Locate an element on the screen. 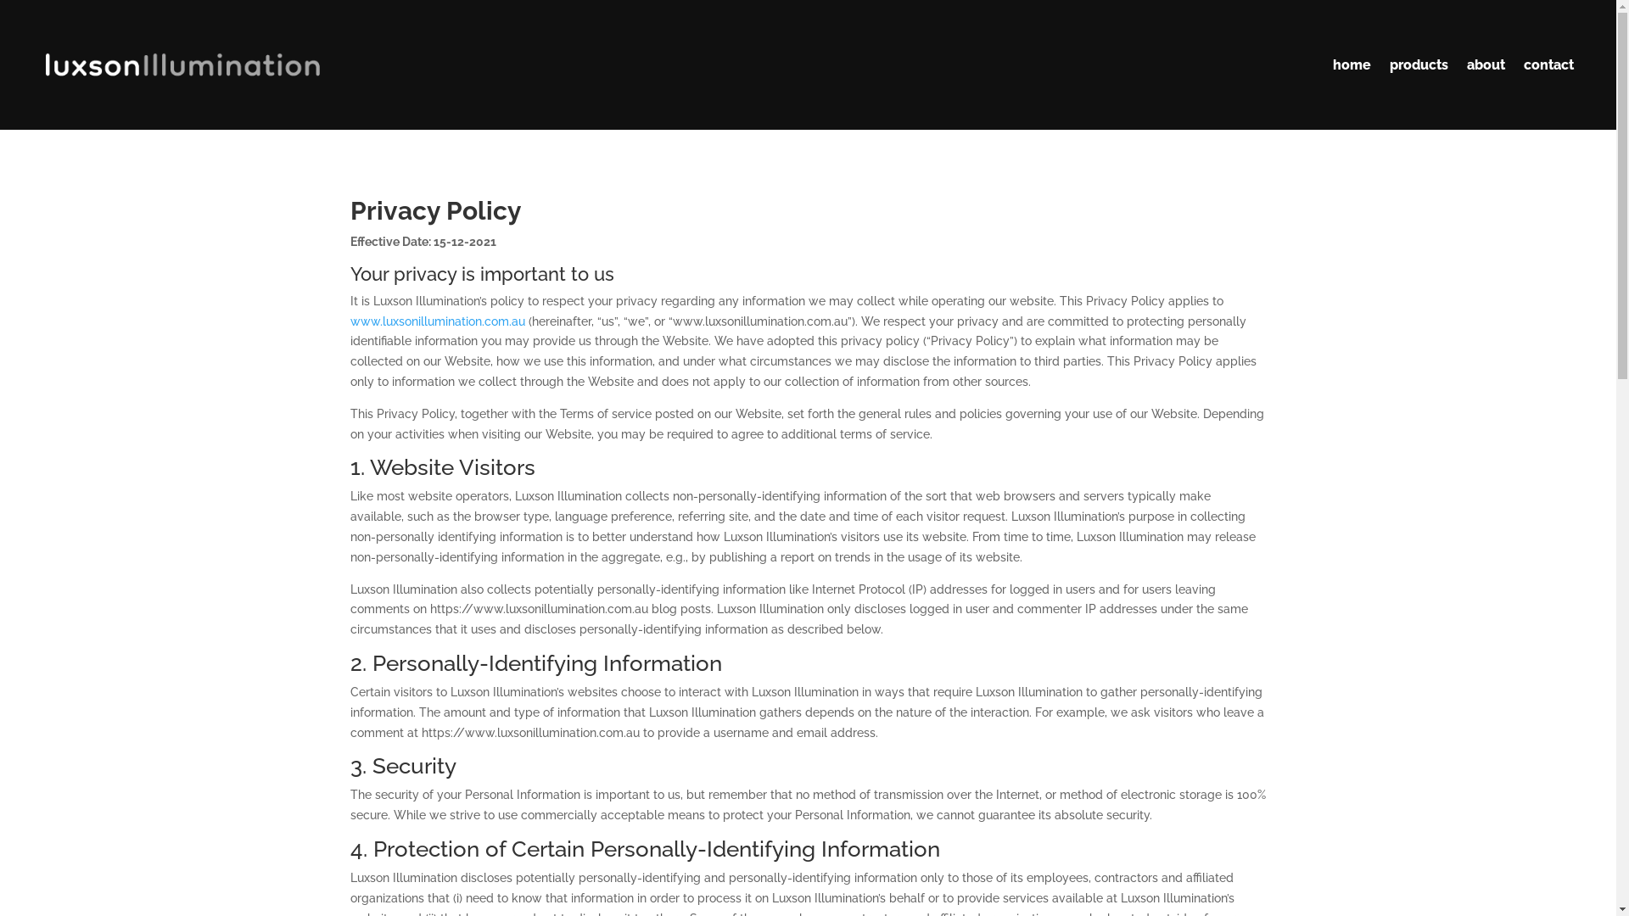  'products' is located at coordinates (1389, 64).